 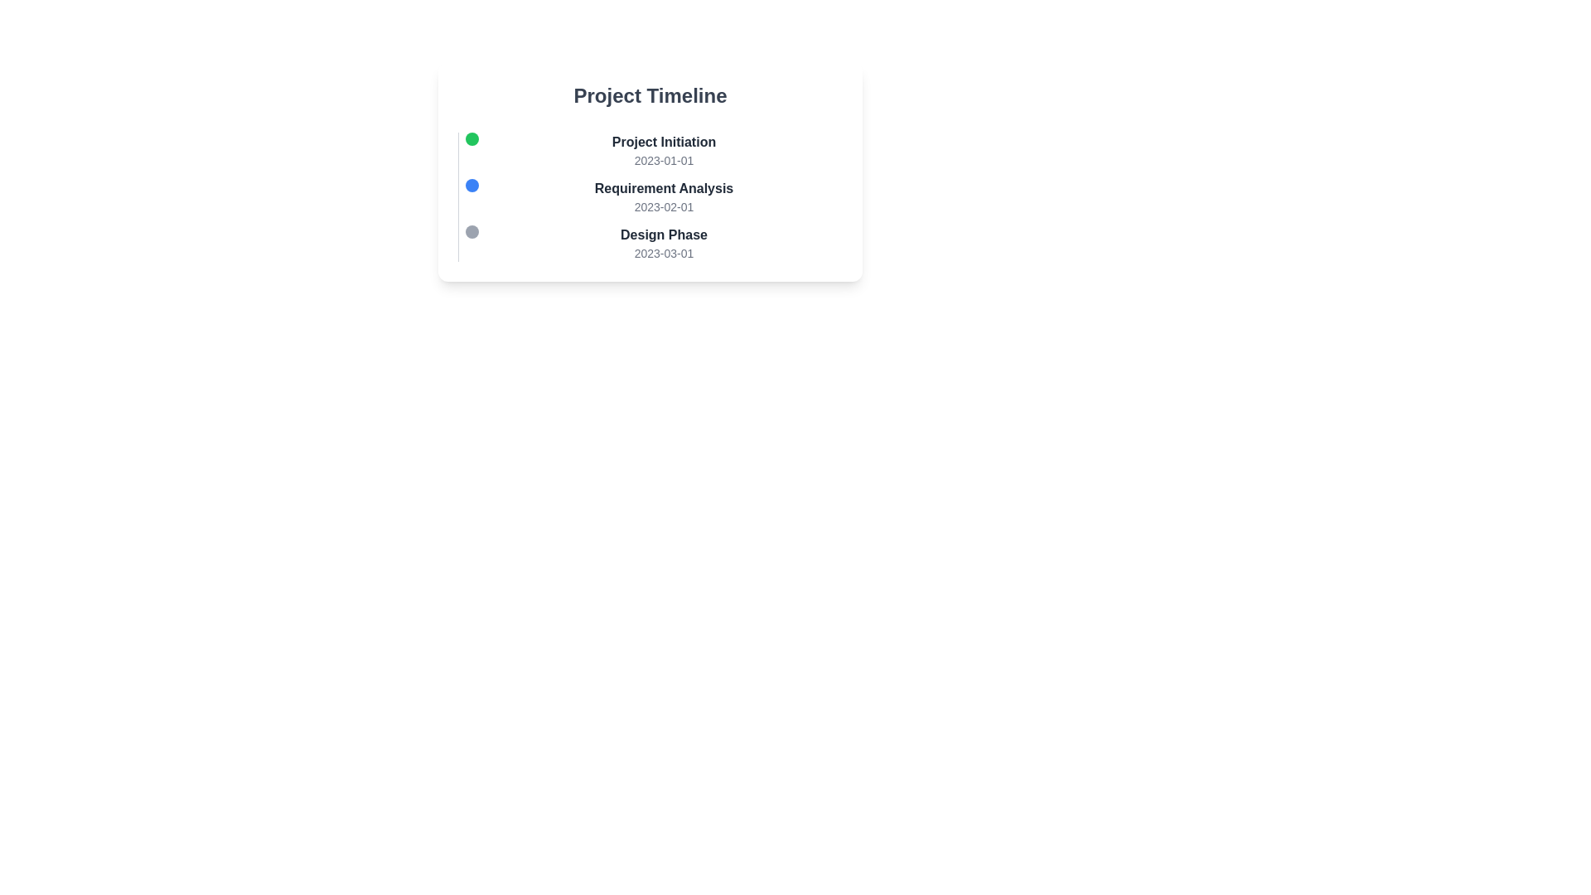 I want to click on the vibrant green colored circle icon located to the left of the 'Project Initiation' text in the timeline component, so click(x=471, y=138).